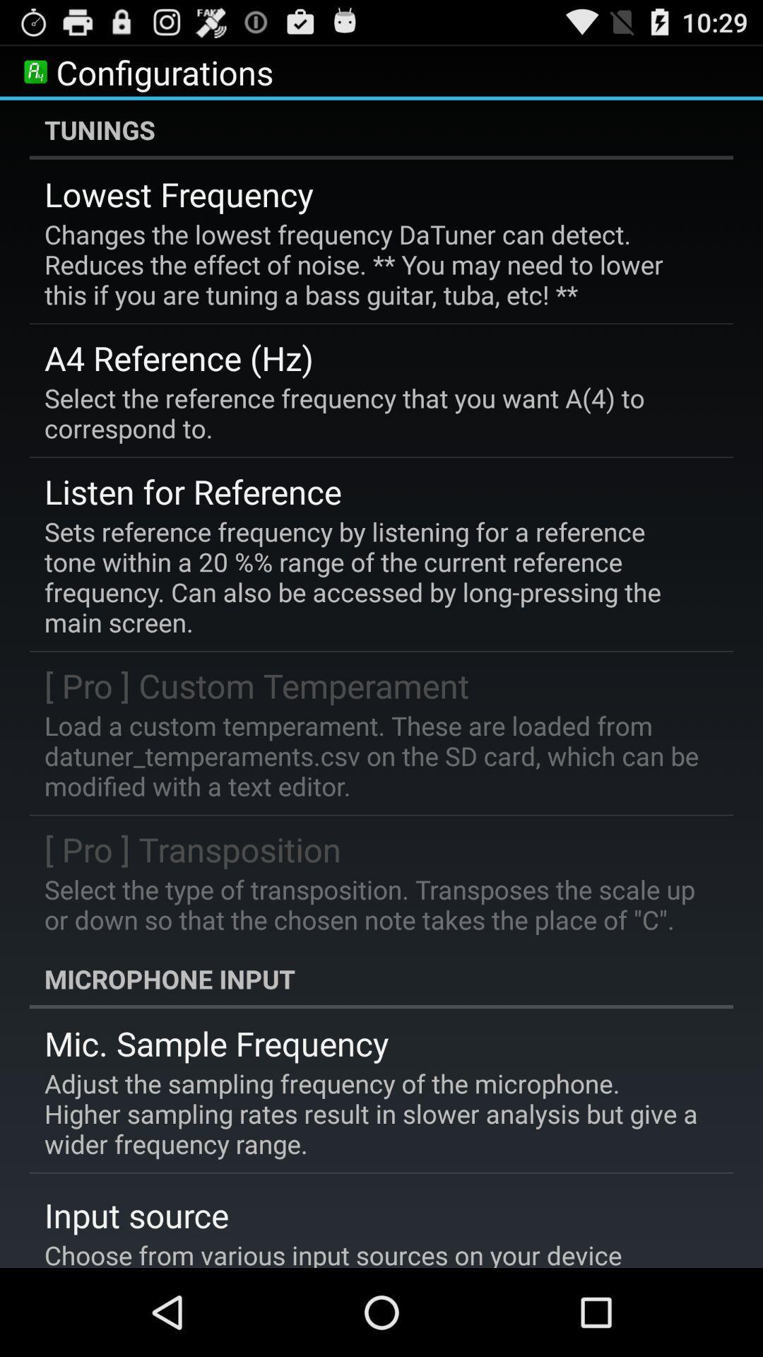 The width and height of the screenshot is (763, 1357). I want to click on the item below input source icon, so click(333, 1252).